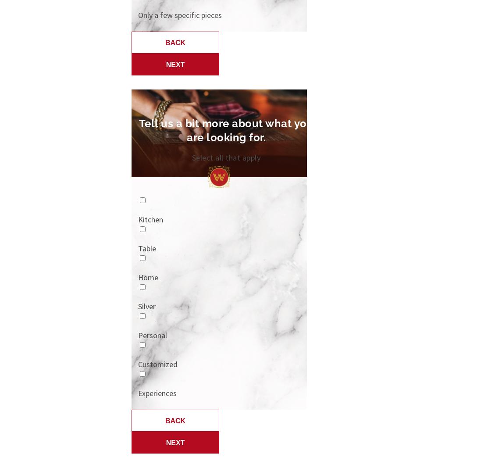  Describe the element at coordinates (137, 305) in the screenshot. I see `'Silver'` at that location.